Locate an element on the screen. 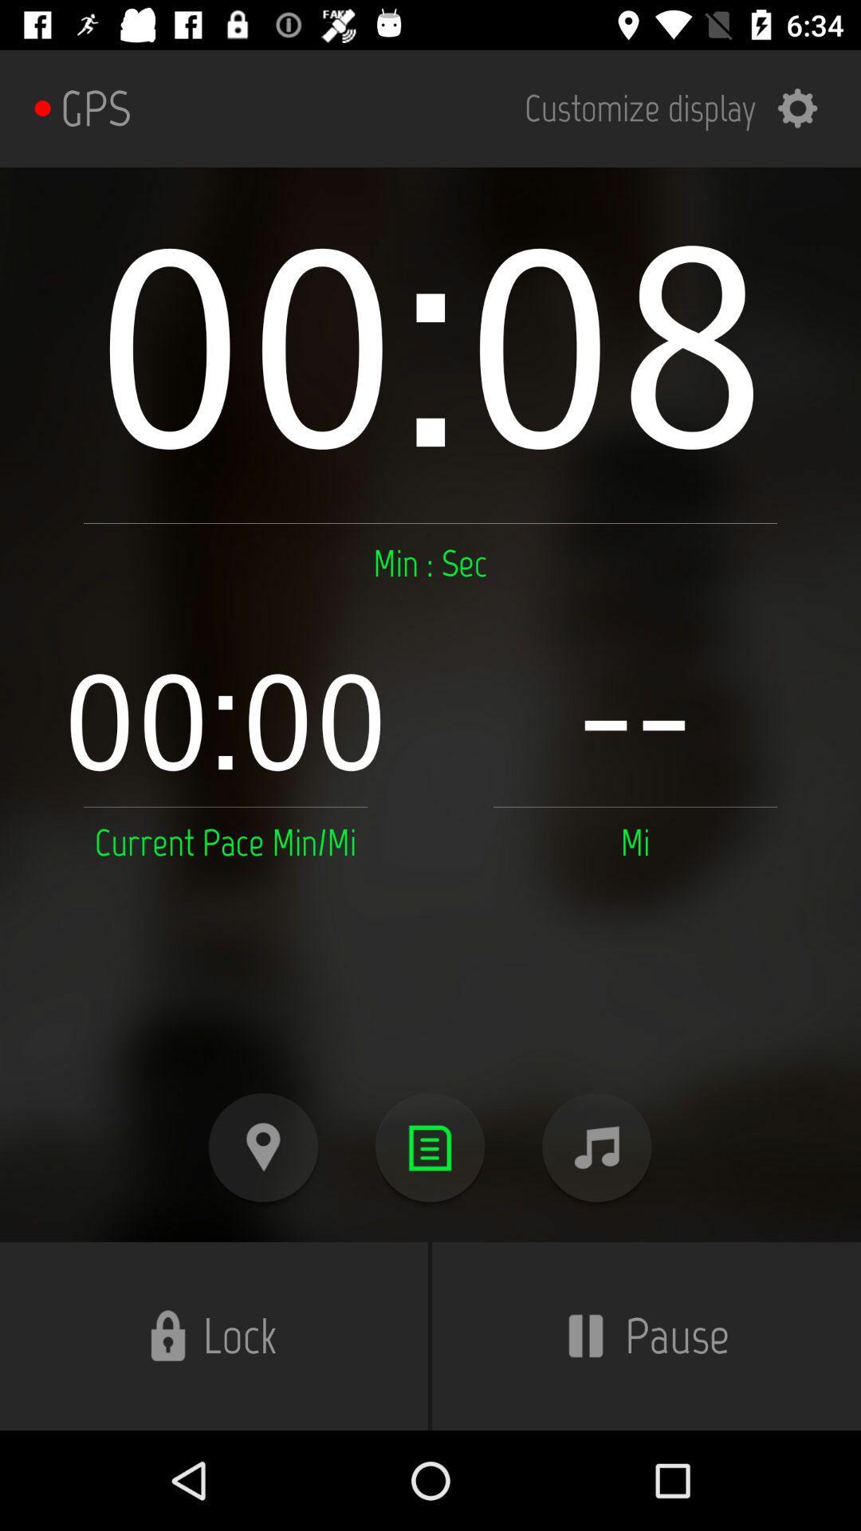 Image resolution: width=861 pixels, height=1531 pixels. the customize display is located at coordinates (682, 108).